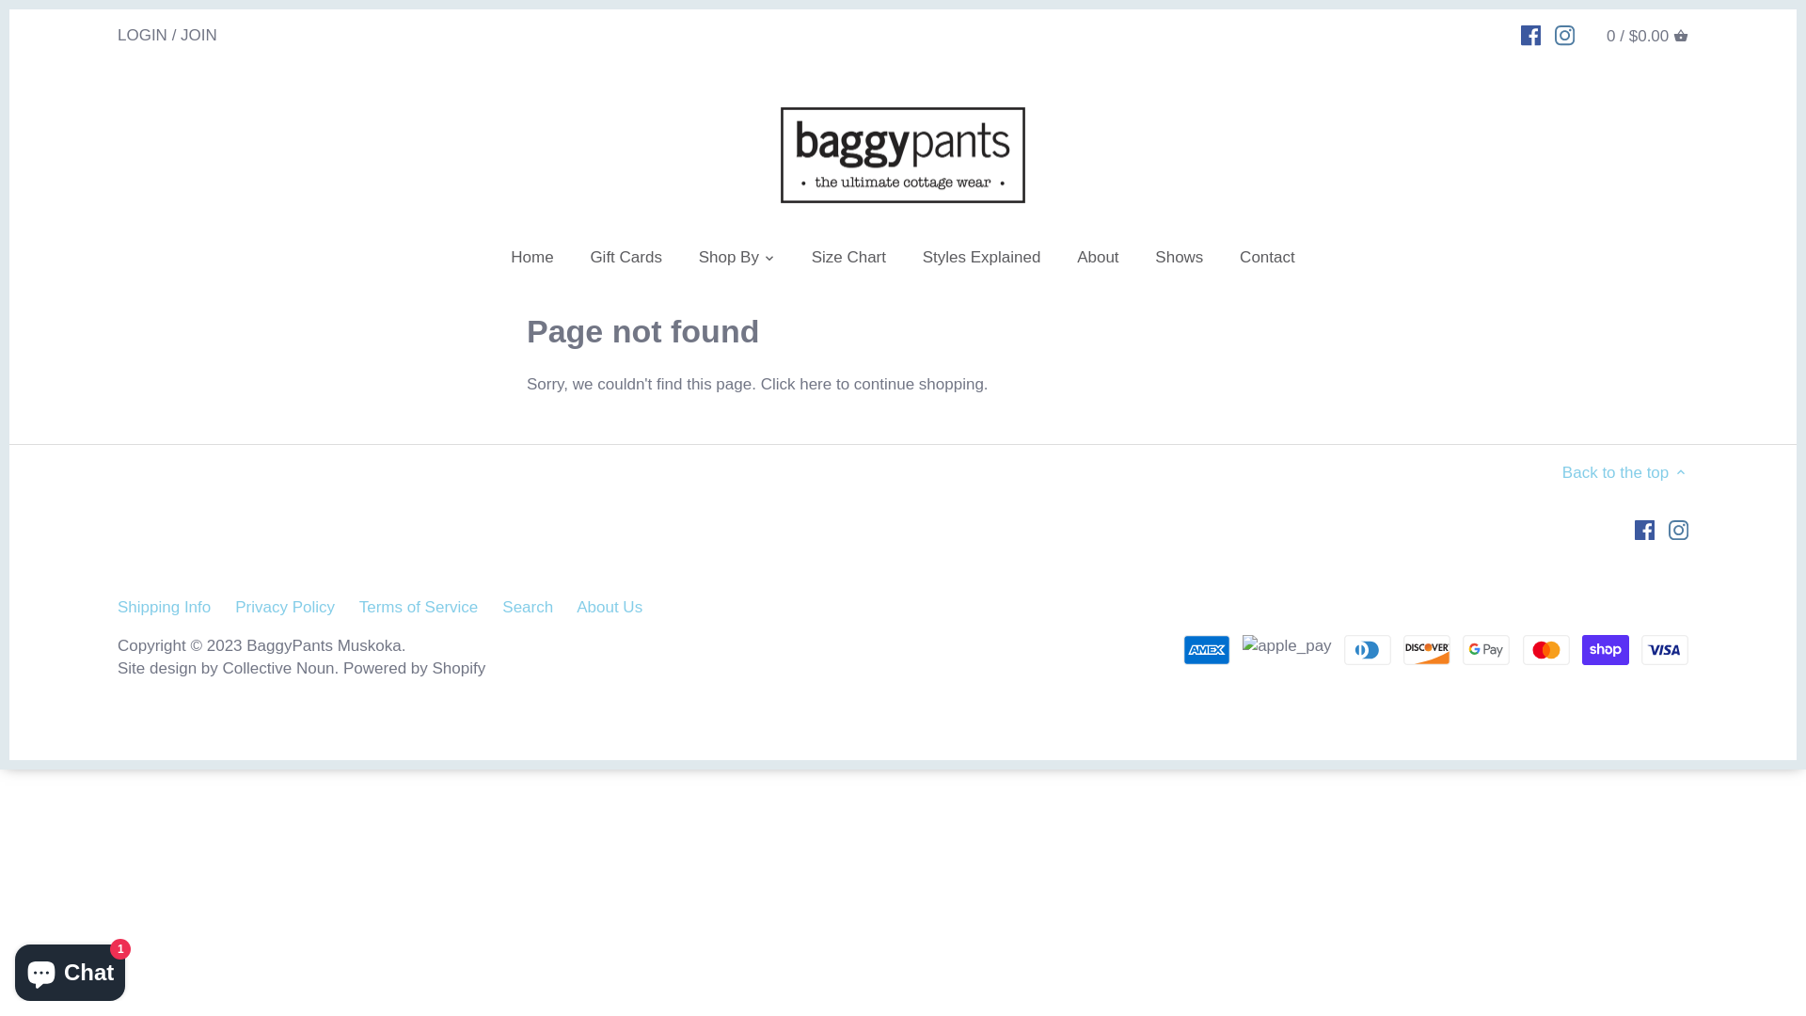  Describe the element at coordinates (418, 607) in the screenshot. I see `'Terms of Service'` at that location.